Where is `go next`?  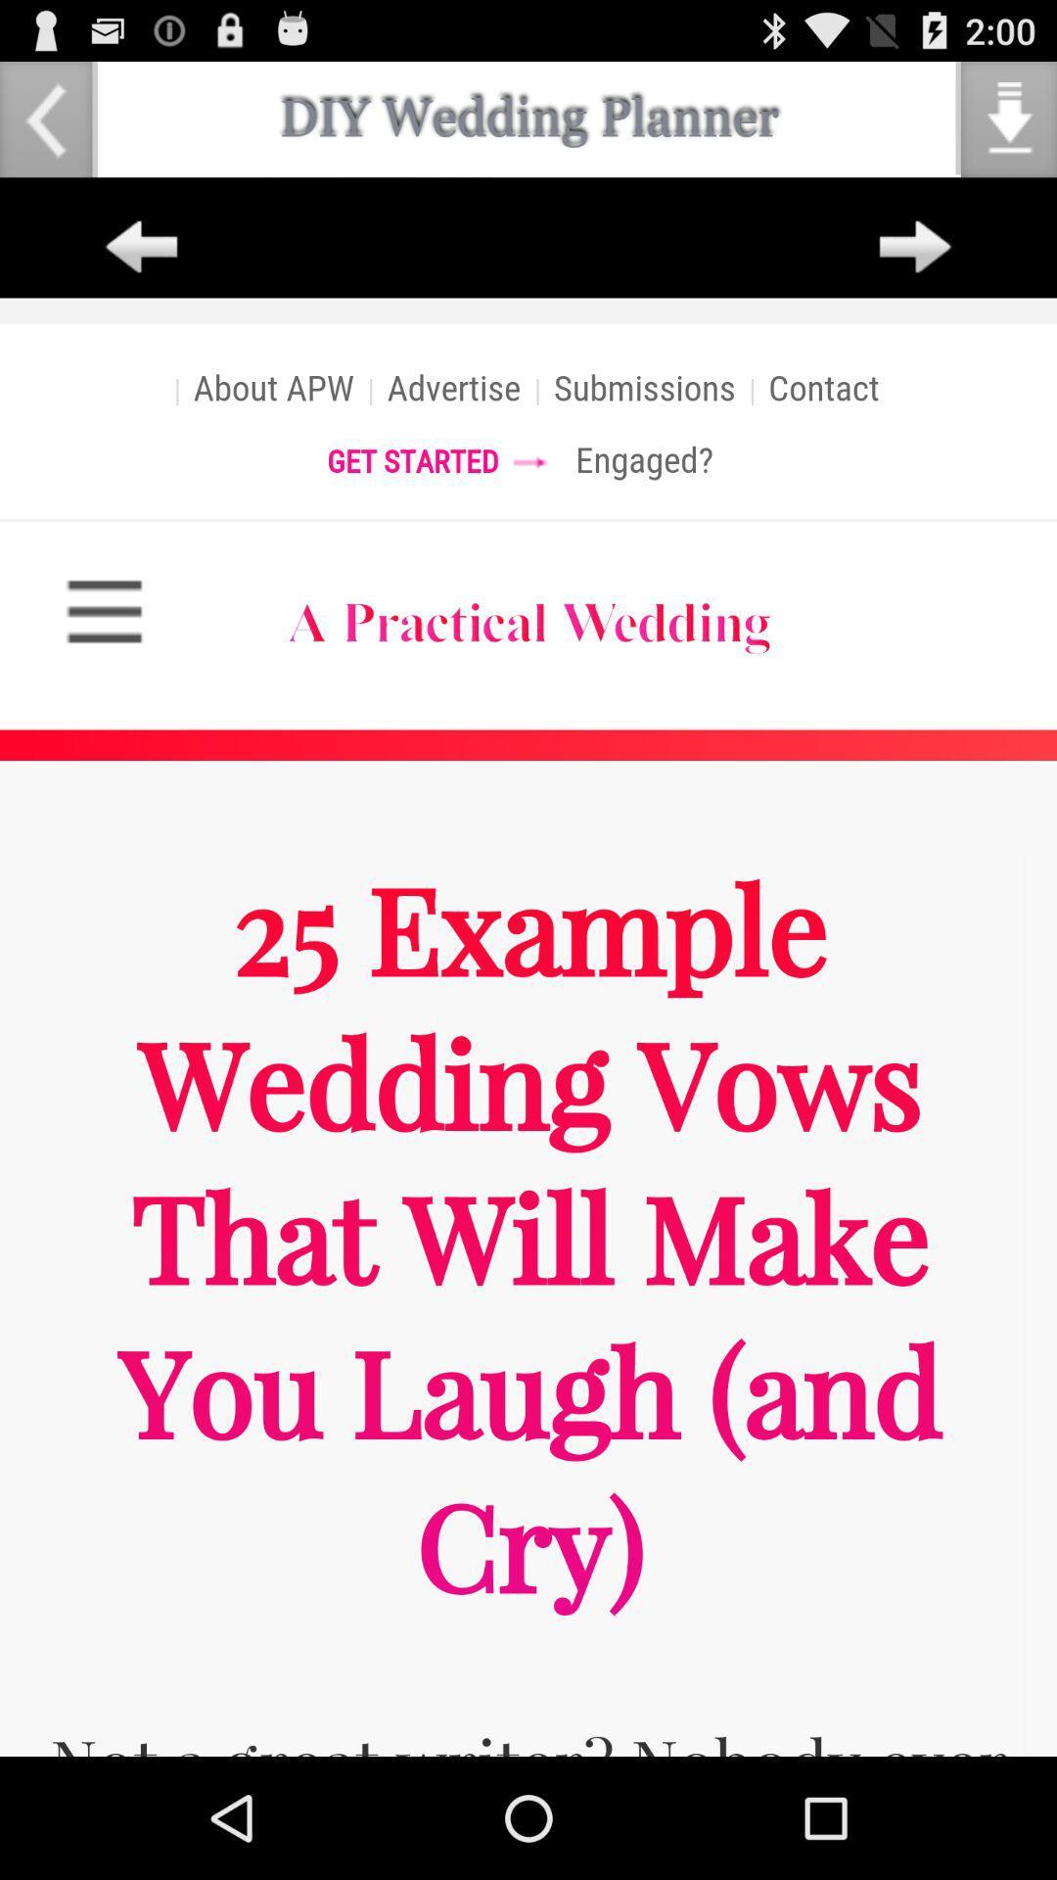 go next is located at coordinates (915, 247).